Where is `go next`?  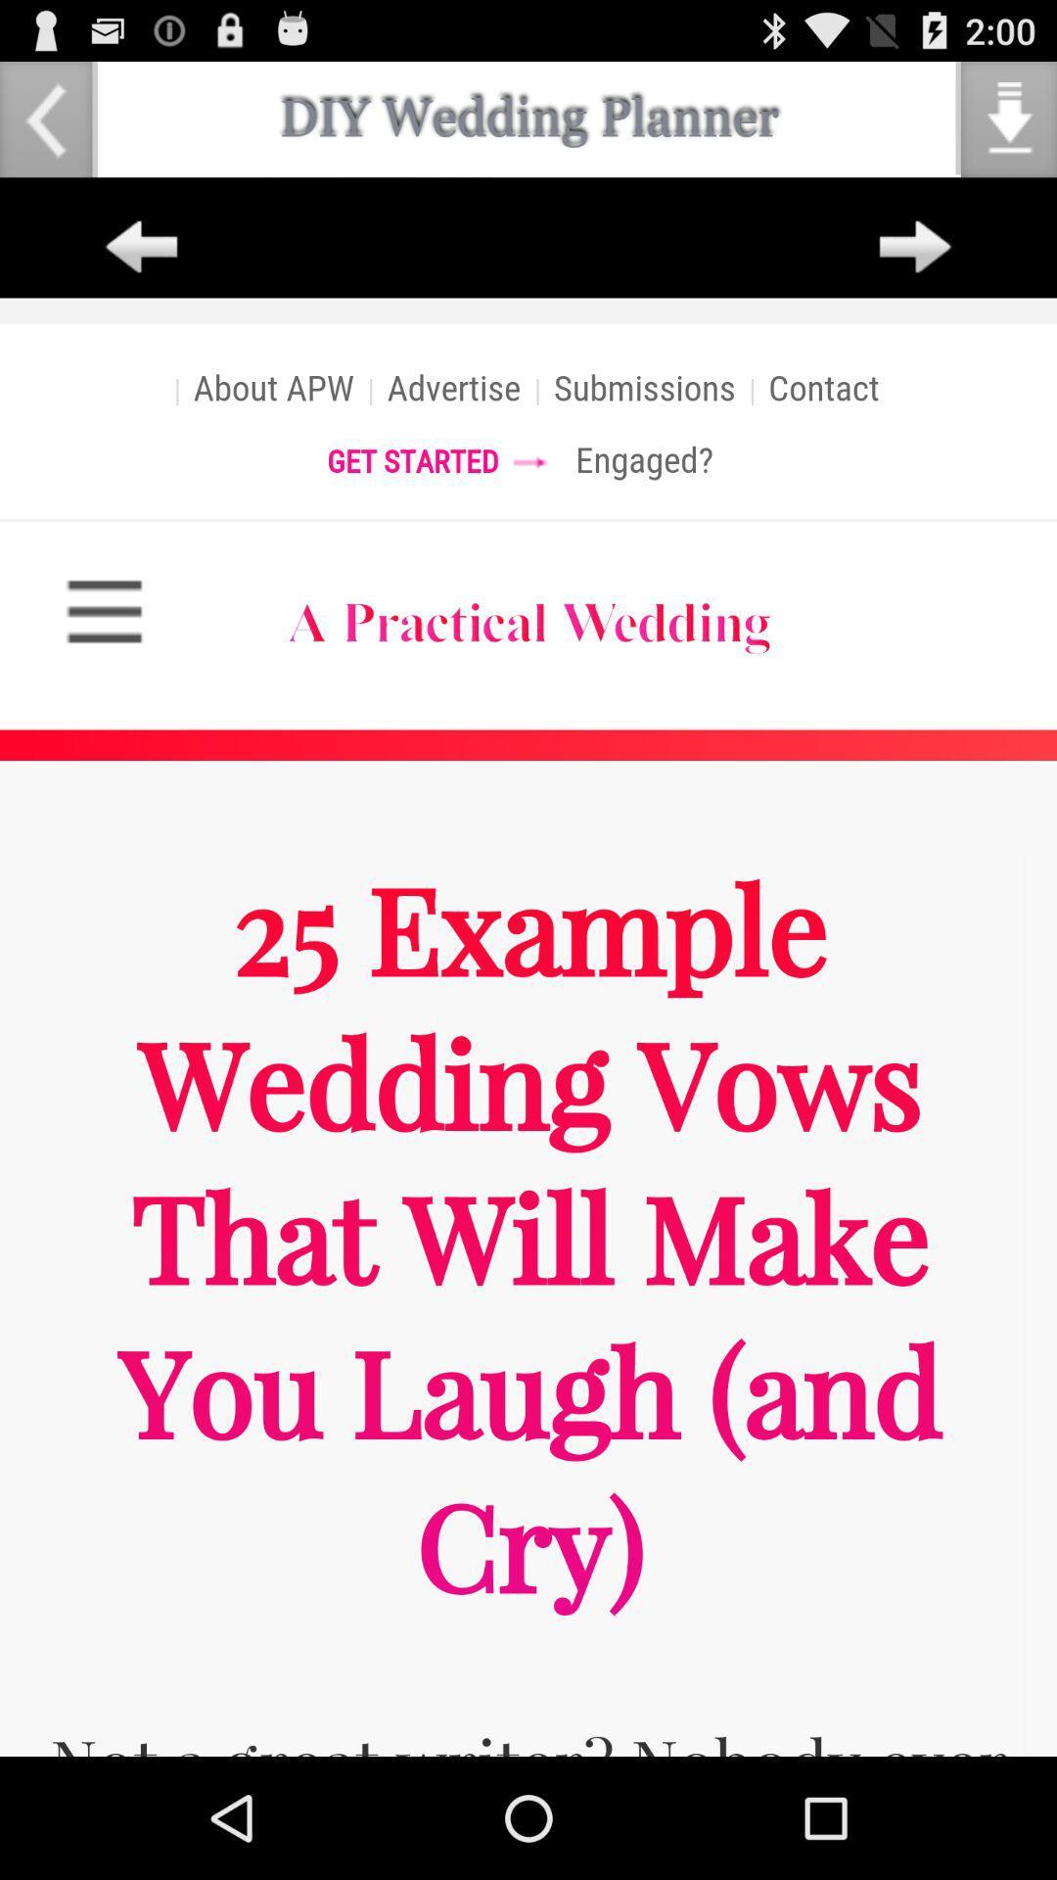 go next is located at coordinates (915, 247).